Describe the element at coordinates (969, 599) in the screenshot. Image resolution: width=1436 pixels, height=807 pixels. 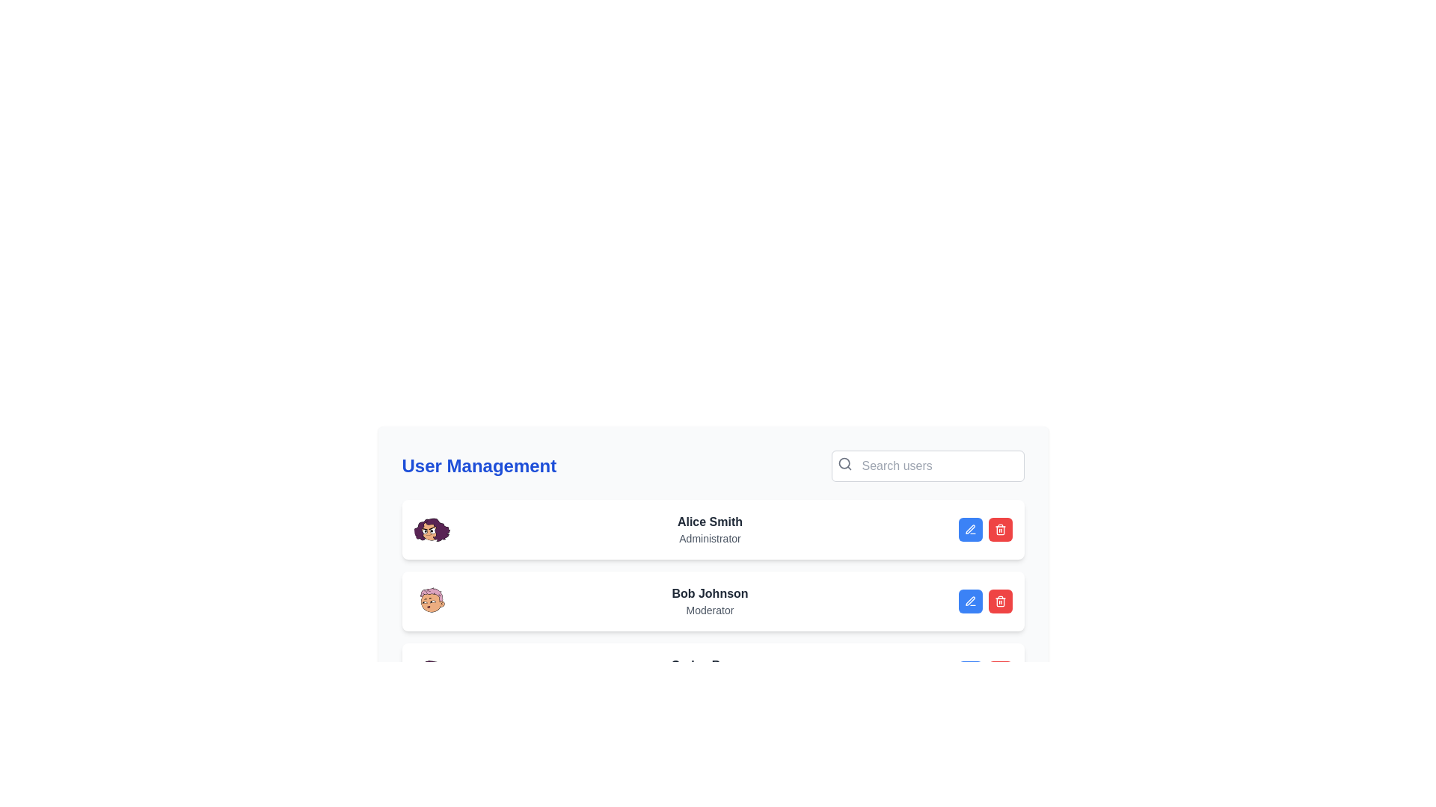
I see `the pen-shaped icon located` at that location.